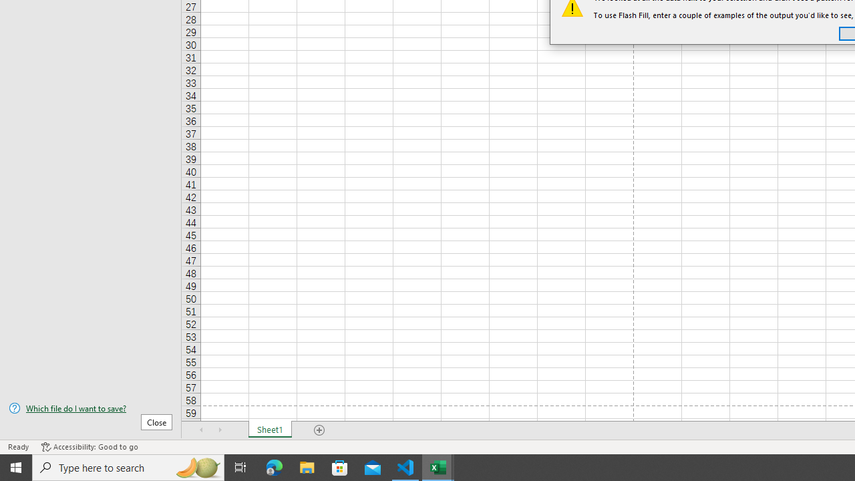 This screenshot has width=855, height=481. Describe the element at coordinates (128, 466) in the screenshot. I see `'Type here to search'` at that location.